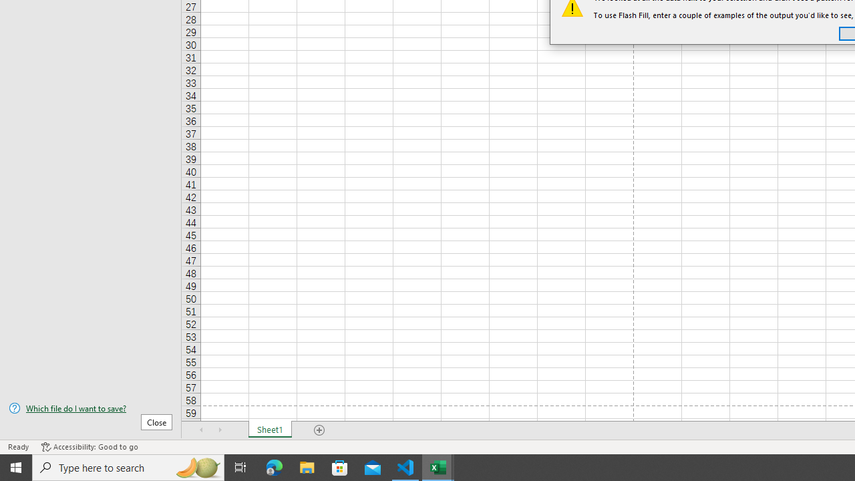 This screenshot has width=855, height=481. Describe the element at coordinates (128, 466) in the screenshot. I see `'Type here to search'` at that location.